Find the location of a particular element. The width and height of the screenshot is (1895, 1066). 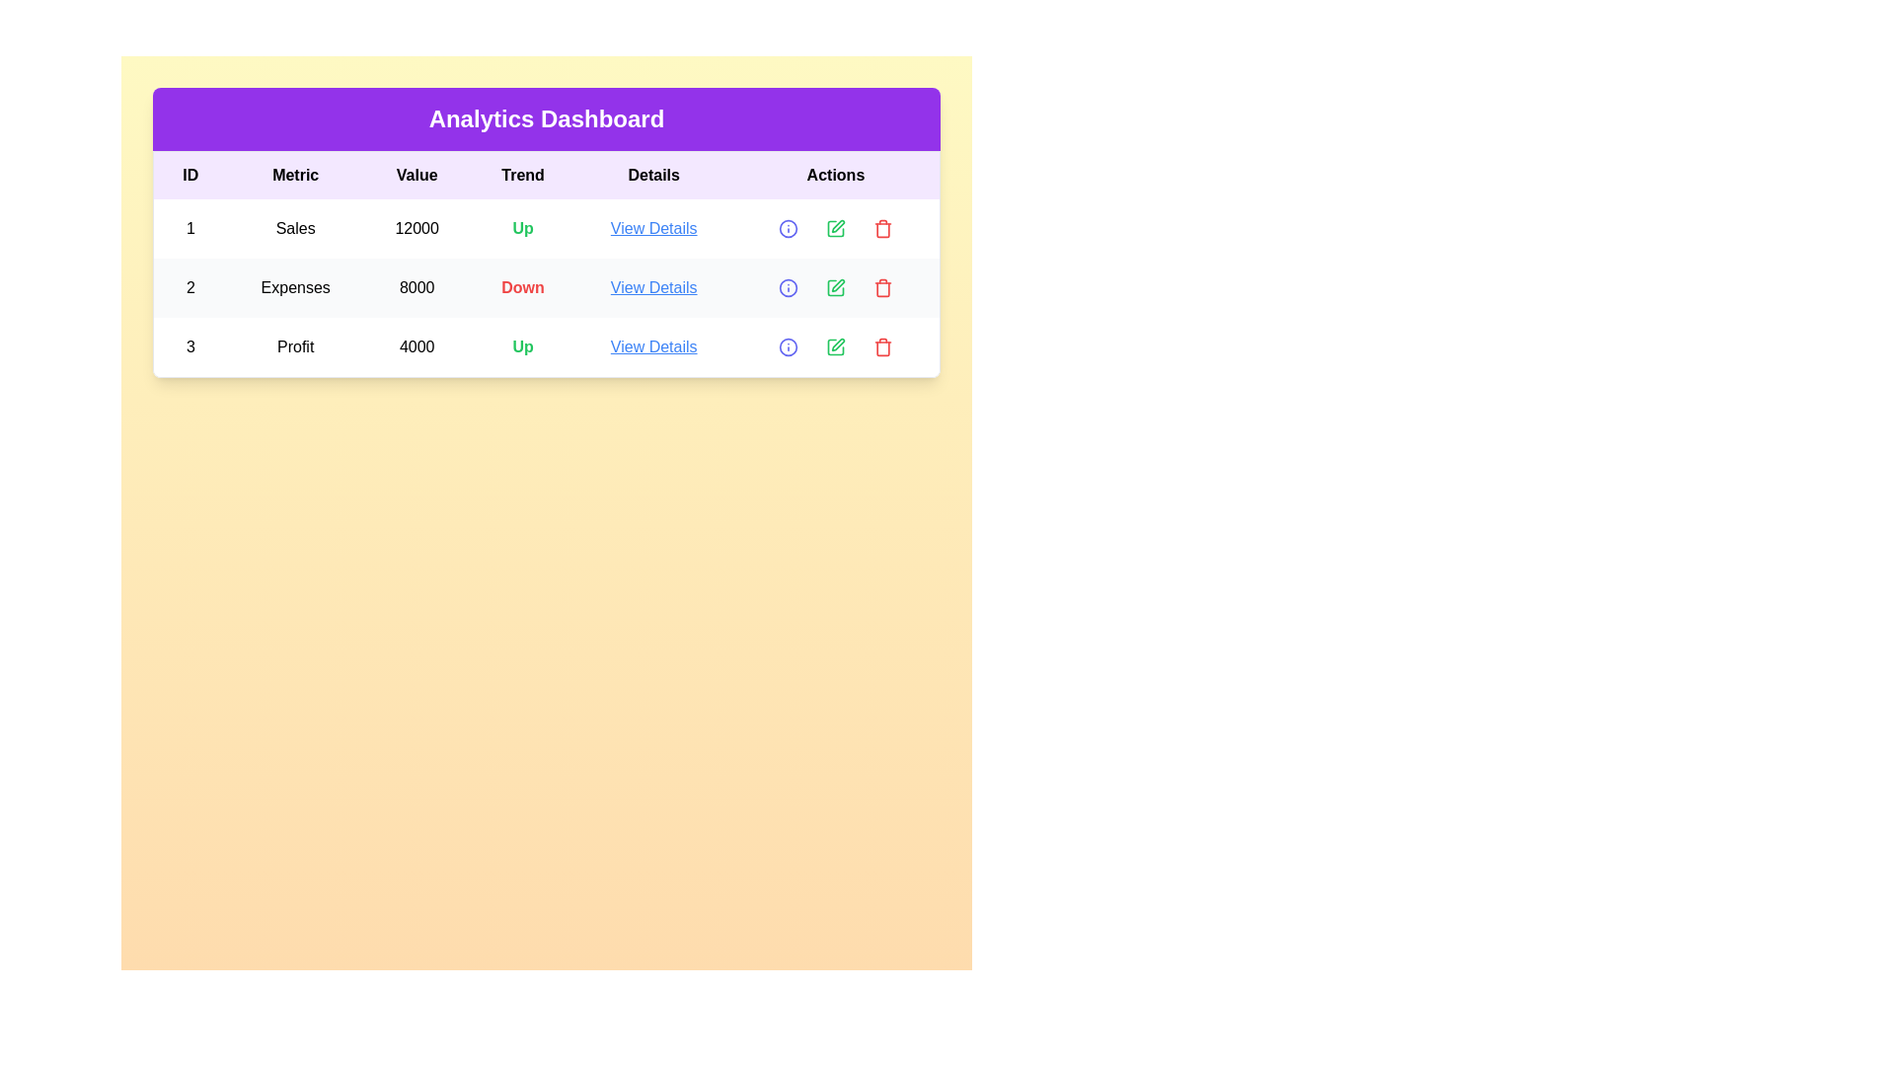

the delete icon button located in the 'Actions' column of the table row representing 'Profit' to initiate the delete action is located at coordinates (881, 347).